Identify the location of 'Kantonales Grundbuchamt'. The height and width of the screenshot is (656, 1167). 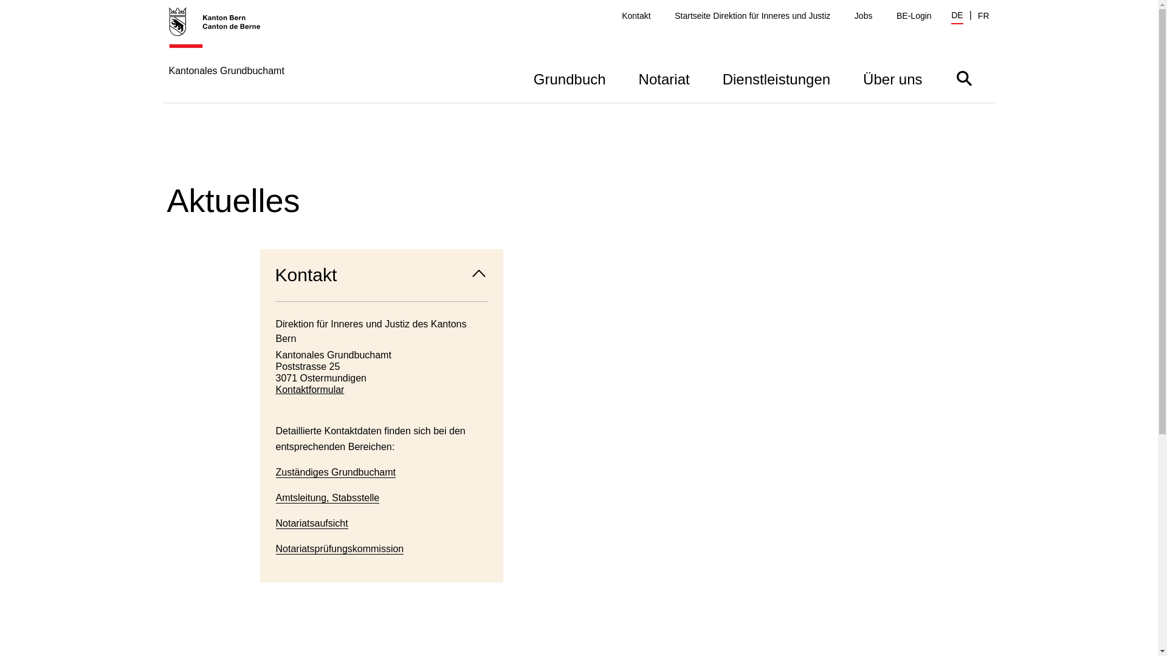
(227, 53).